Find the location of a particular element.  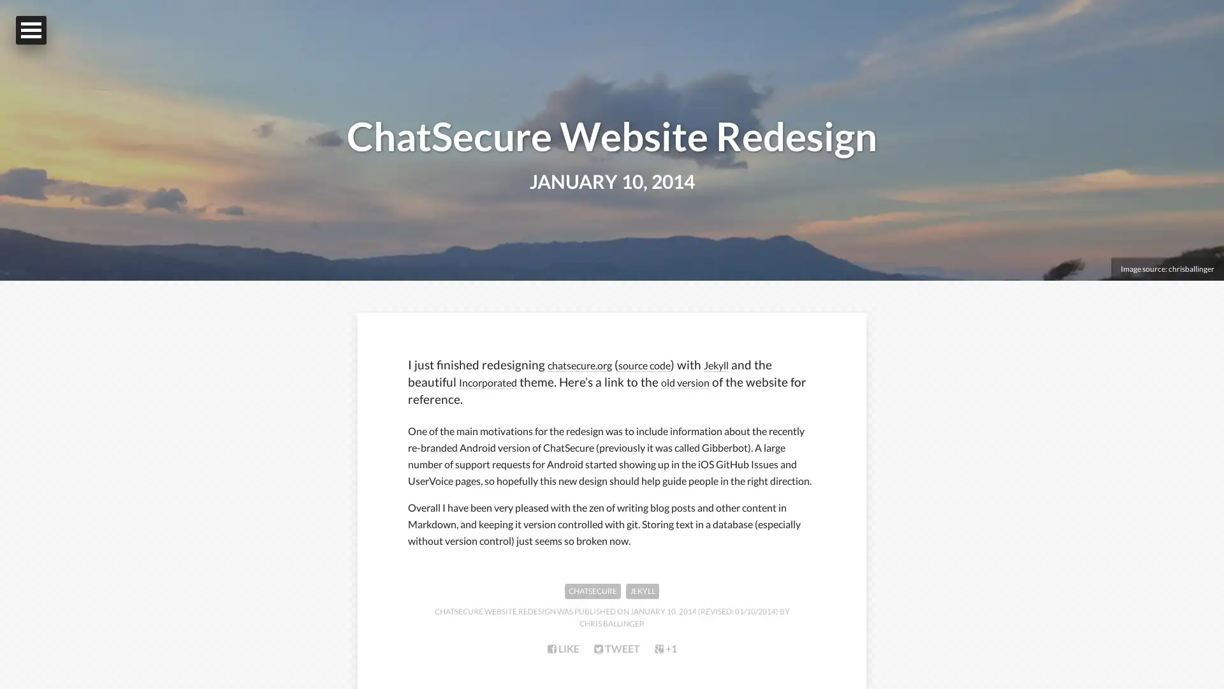

Open Menu is located at coordinates (31, 29).